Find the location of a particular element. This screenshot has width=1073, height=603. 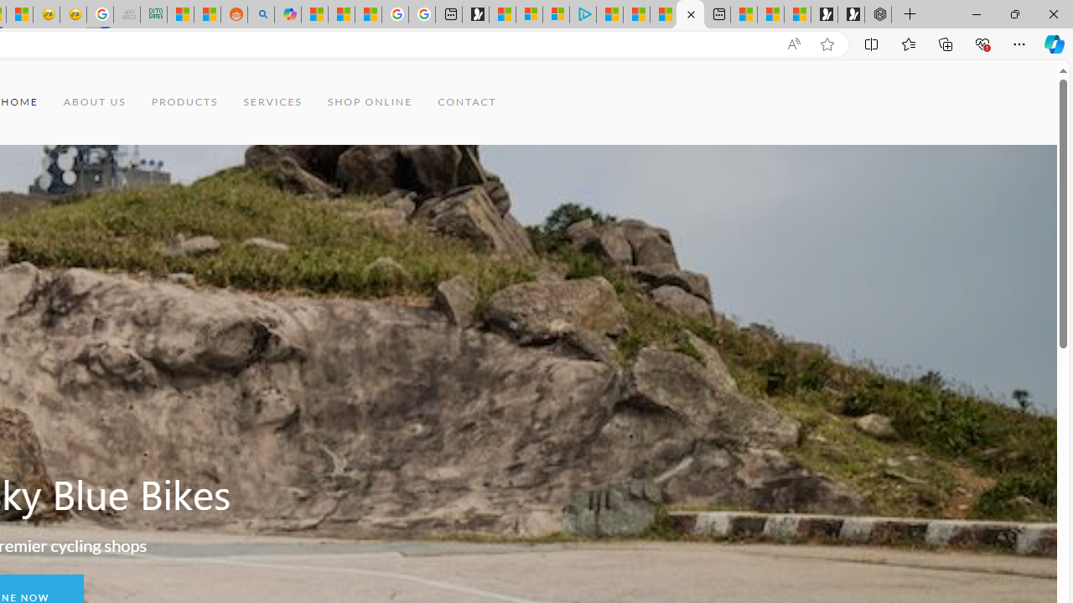

'SHOP ONLINE' is located at coordinates (369, 102).